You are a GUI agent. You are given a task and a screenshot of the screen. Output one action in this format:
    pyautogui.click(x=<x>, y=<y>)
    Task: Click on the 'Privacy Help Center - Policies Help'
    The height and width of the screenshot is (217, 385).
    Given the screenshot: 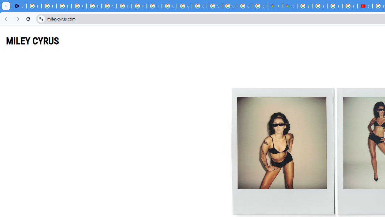 What is the action you would take?
    pyautogui.click(x=319, y=6)
    